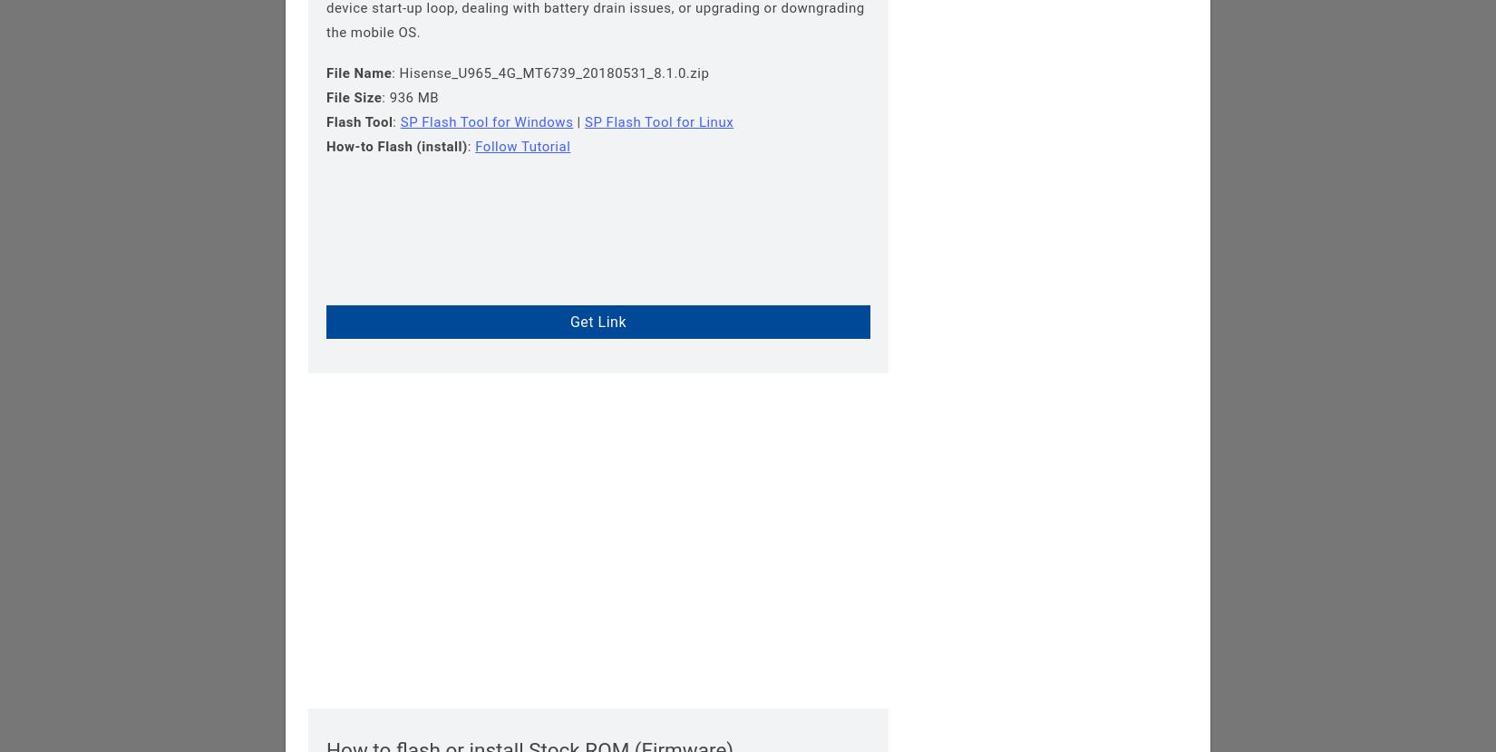  What do you see at coordinates (359, 72) in the screenshot?
I see `'File Name'` at bounding box center [359, 72].